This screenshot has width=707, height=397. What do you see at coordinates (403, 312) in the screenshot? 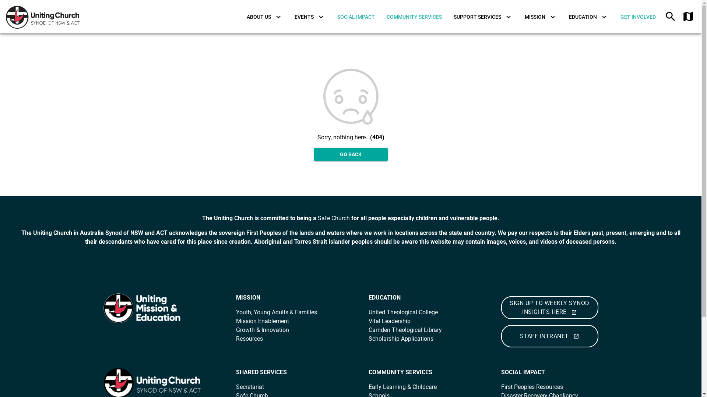
I see `'United Theological College '` at bounding box center [403, 312].